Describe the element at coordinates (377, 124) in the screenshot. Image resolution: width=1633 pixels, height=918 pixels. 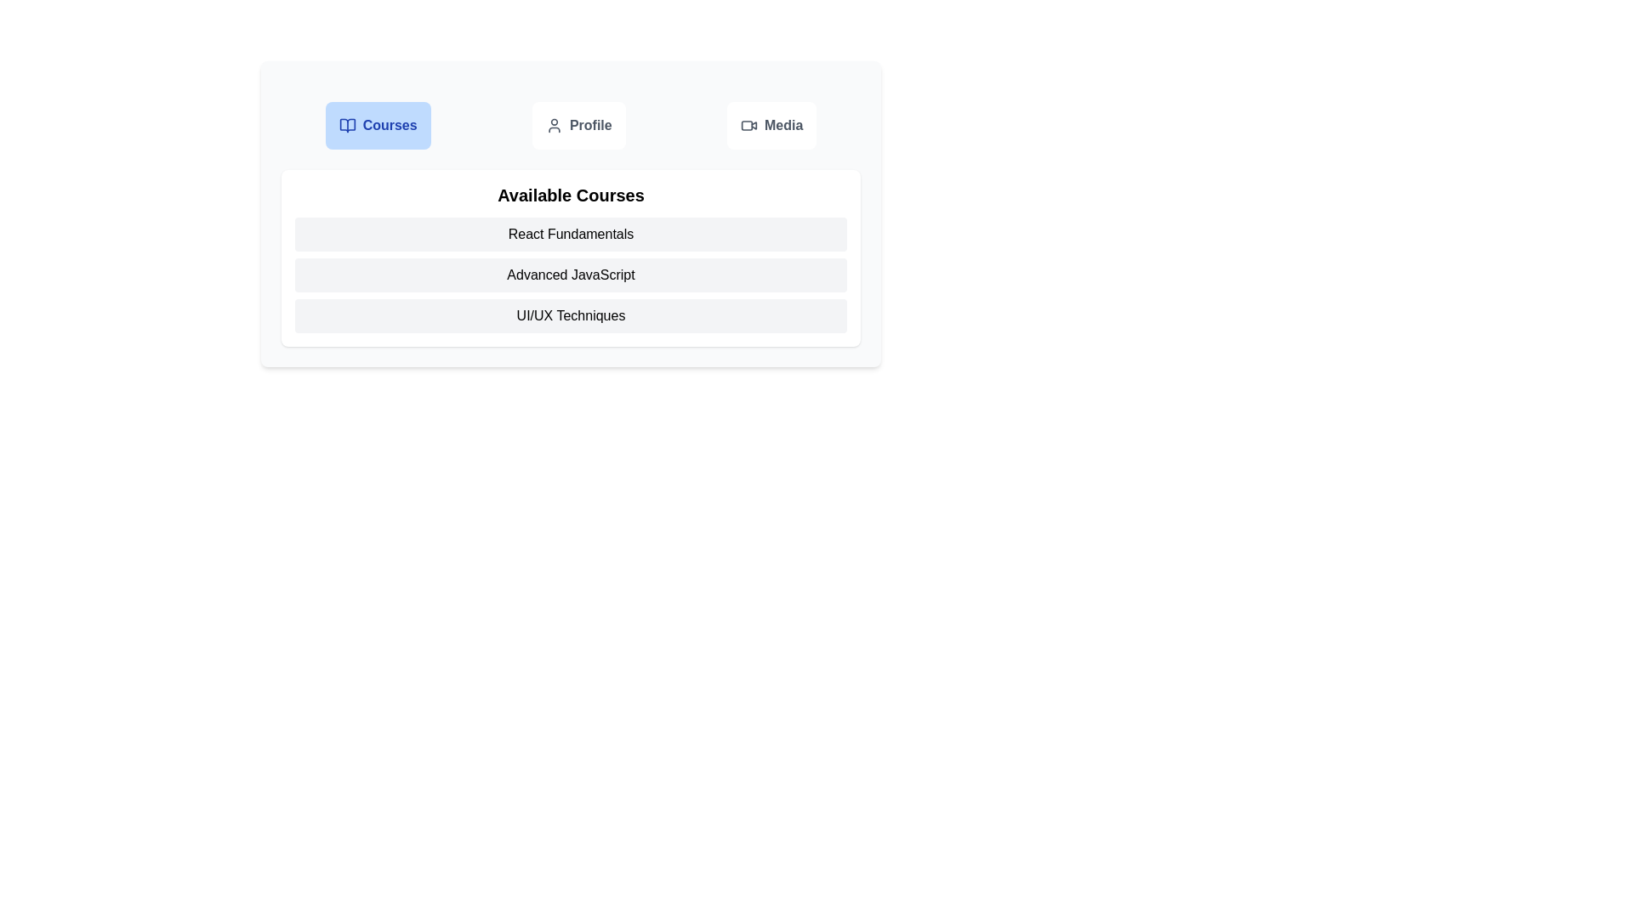
I see `the 'Courses' button in the header area` at that location.